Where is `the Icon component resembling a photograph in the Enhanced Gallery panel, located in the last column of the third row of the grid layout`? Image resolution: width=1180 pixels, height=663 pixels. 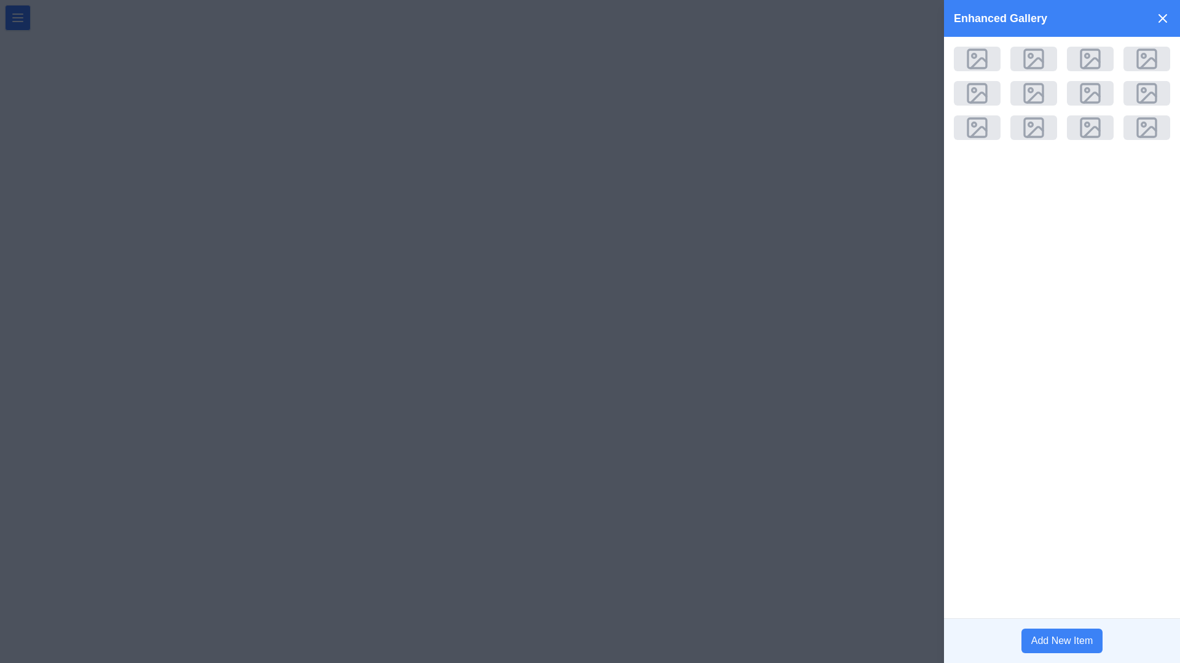
the Icon component resembling a photograph in the Enhanced Gallery panel, located in the last column of the third row of the grid layout is located at coordinates (1146, 92).